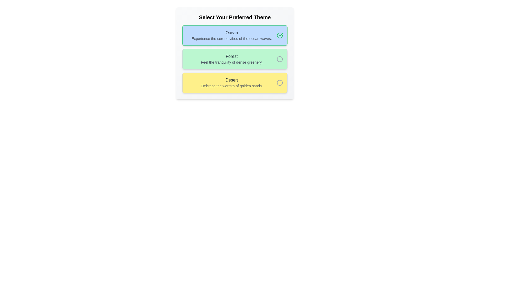 The image size is (505, 284). I want to click on the descriptive subtitle text label for the theme option 'Forest', which is located in a light green option box, centered underneath the text 'Forest', so click(231, 62).